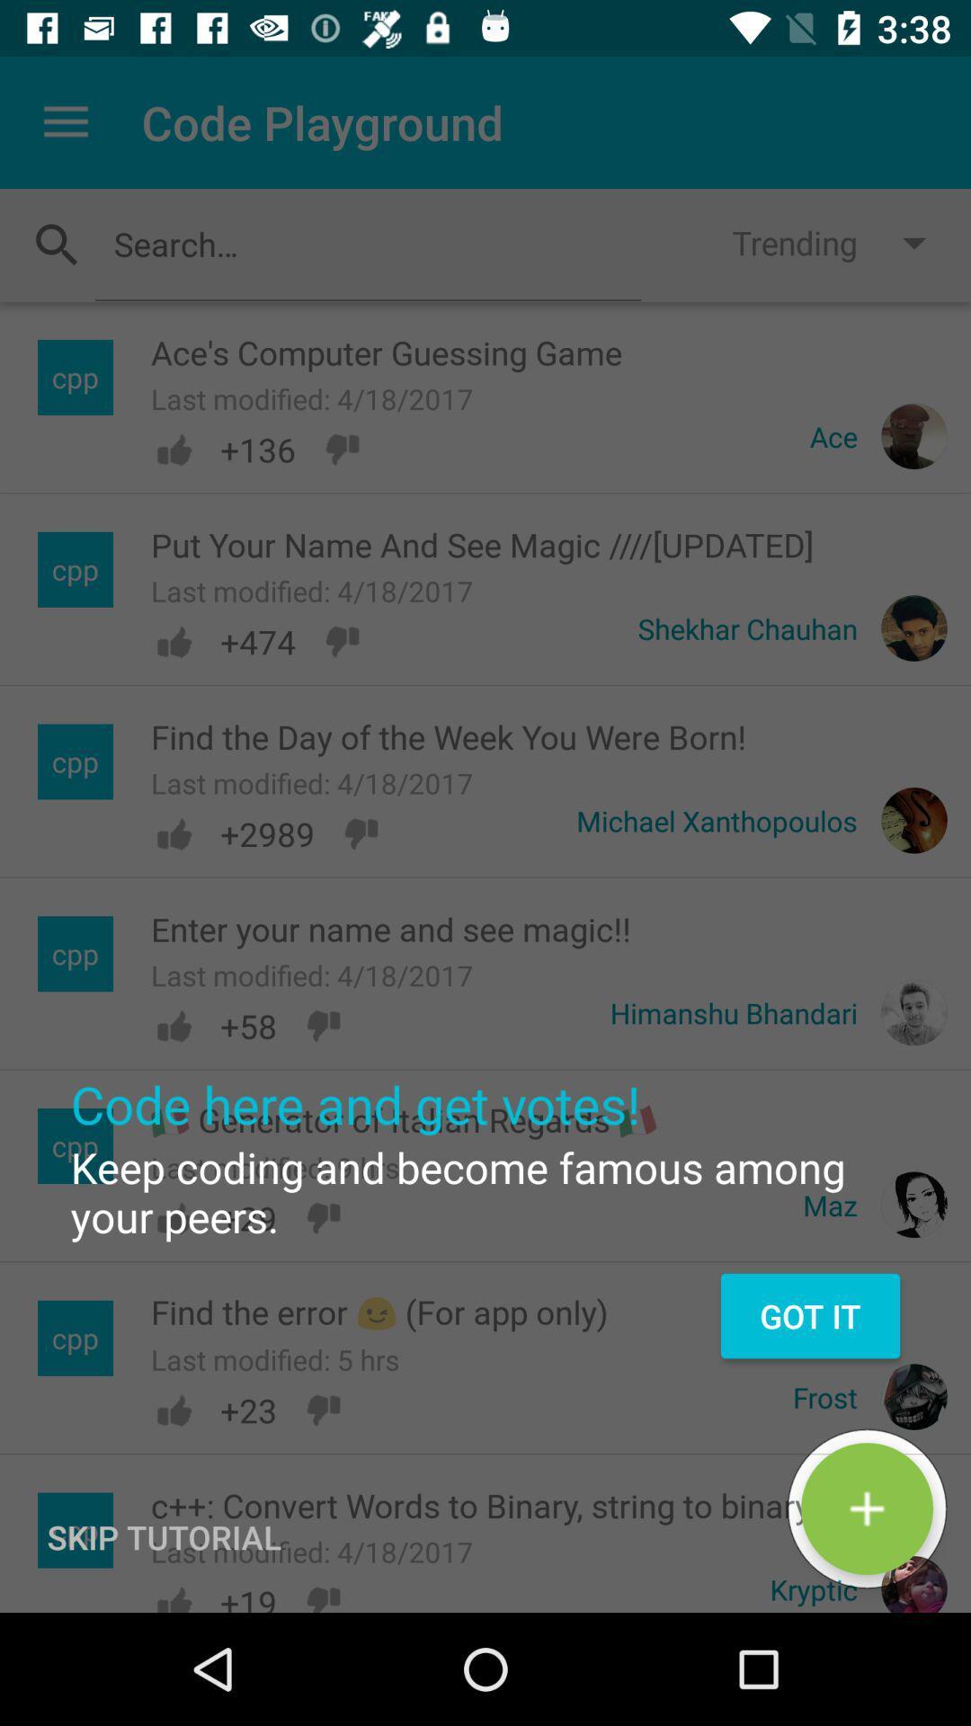 The height and width of the screenshot is (1726, 971). I want to click on the dislike option which is left to the michael xanthopoulos, so click(361, 832).